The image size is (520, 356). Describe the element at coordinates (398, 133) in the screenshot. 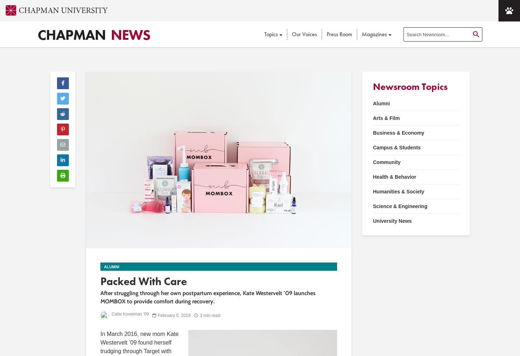

I see `'Business & Economy'` at that location.